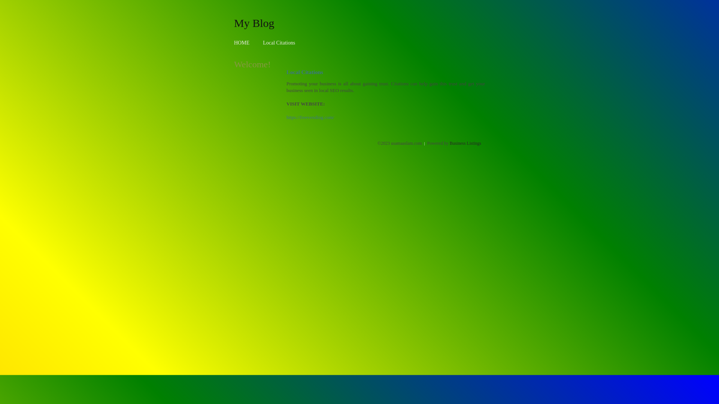  I want to click on 'My Blog', so click(254, 22).